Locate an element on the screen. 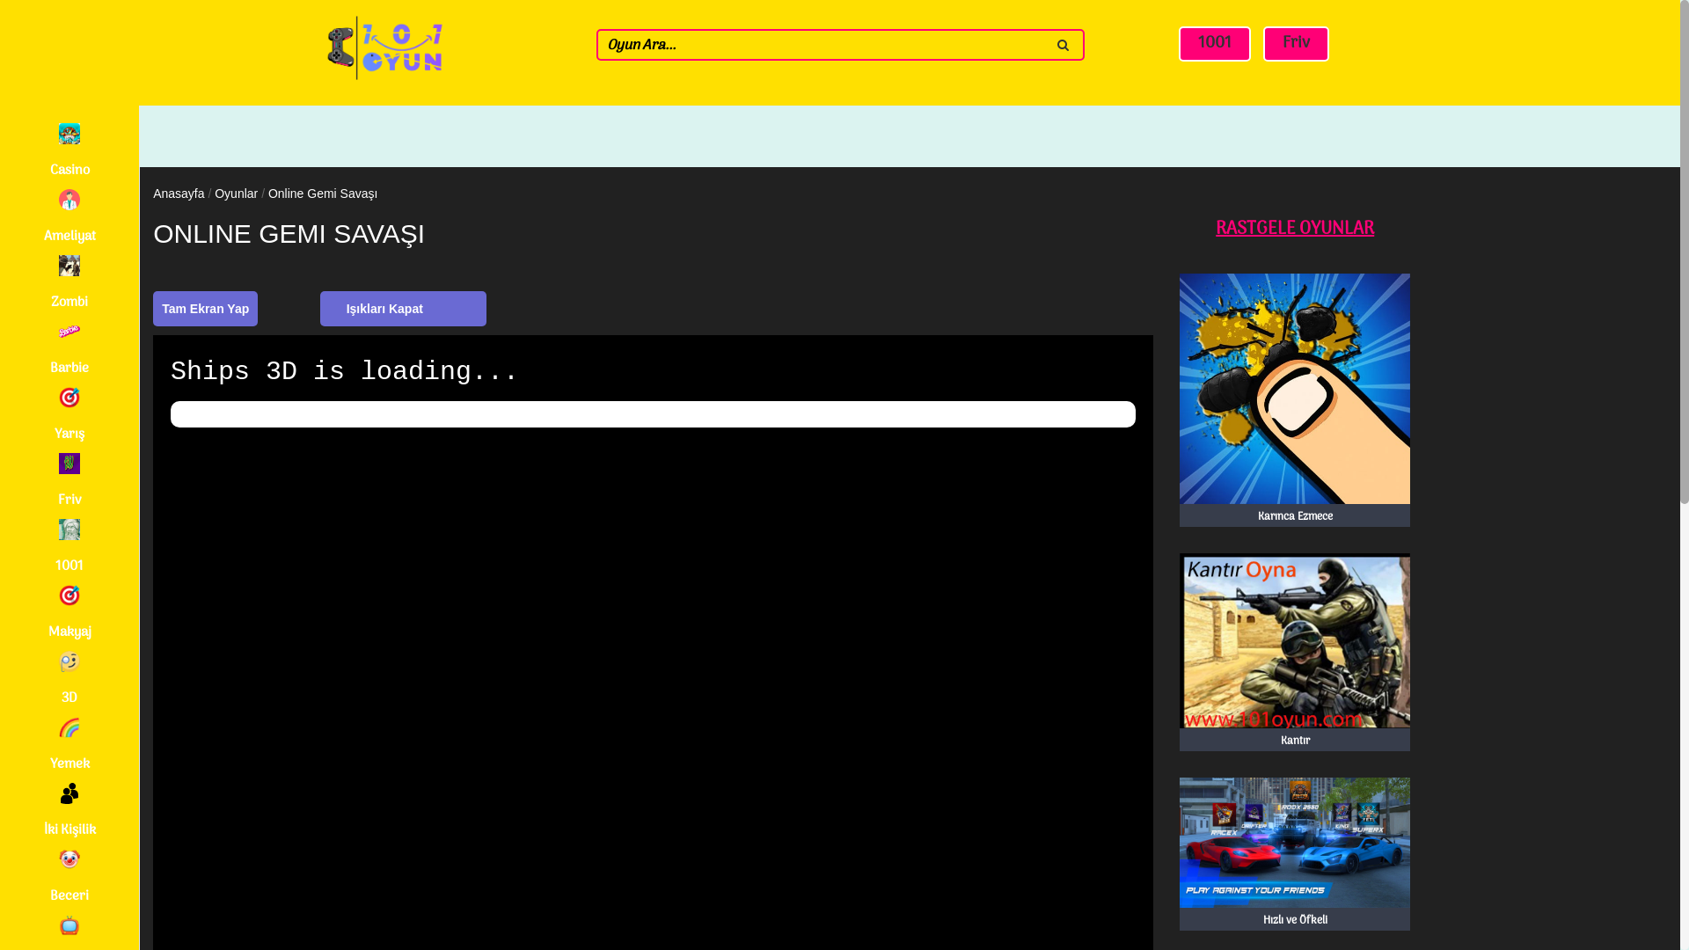 The height and width of the screenshot is (950, 1689). '1001' is located at coordinates (1197, 42).